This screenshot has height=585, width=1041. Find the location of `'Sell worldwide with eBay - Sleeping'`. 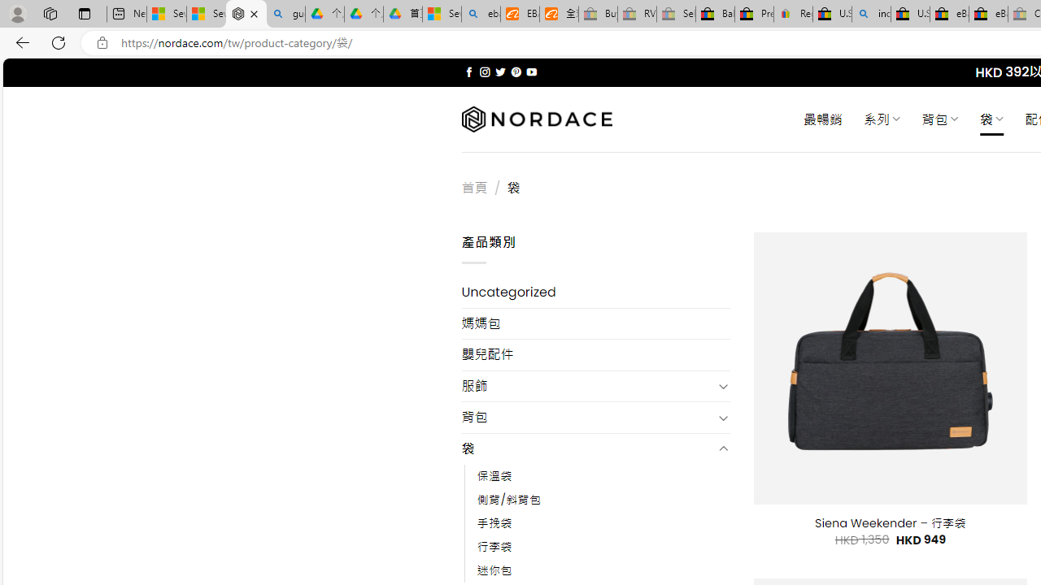

'Sell worldwide with eBay - Sleeping' is located at coordinates (676, 14).